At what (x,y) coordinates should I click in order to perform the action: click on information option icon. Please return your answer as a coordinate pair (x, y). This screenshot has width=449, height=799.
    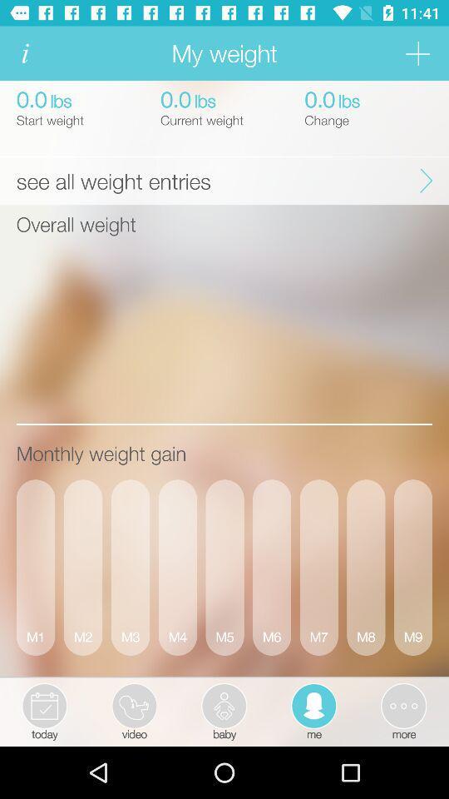
    Looking at the image, I should click on (24, 53).